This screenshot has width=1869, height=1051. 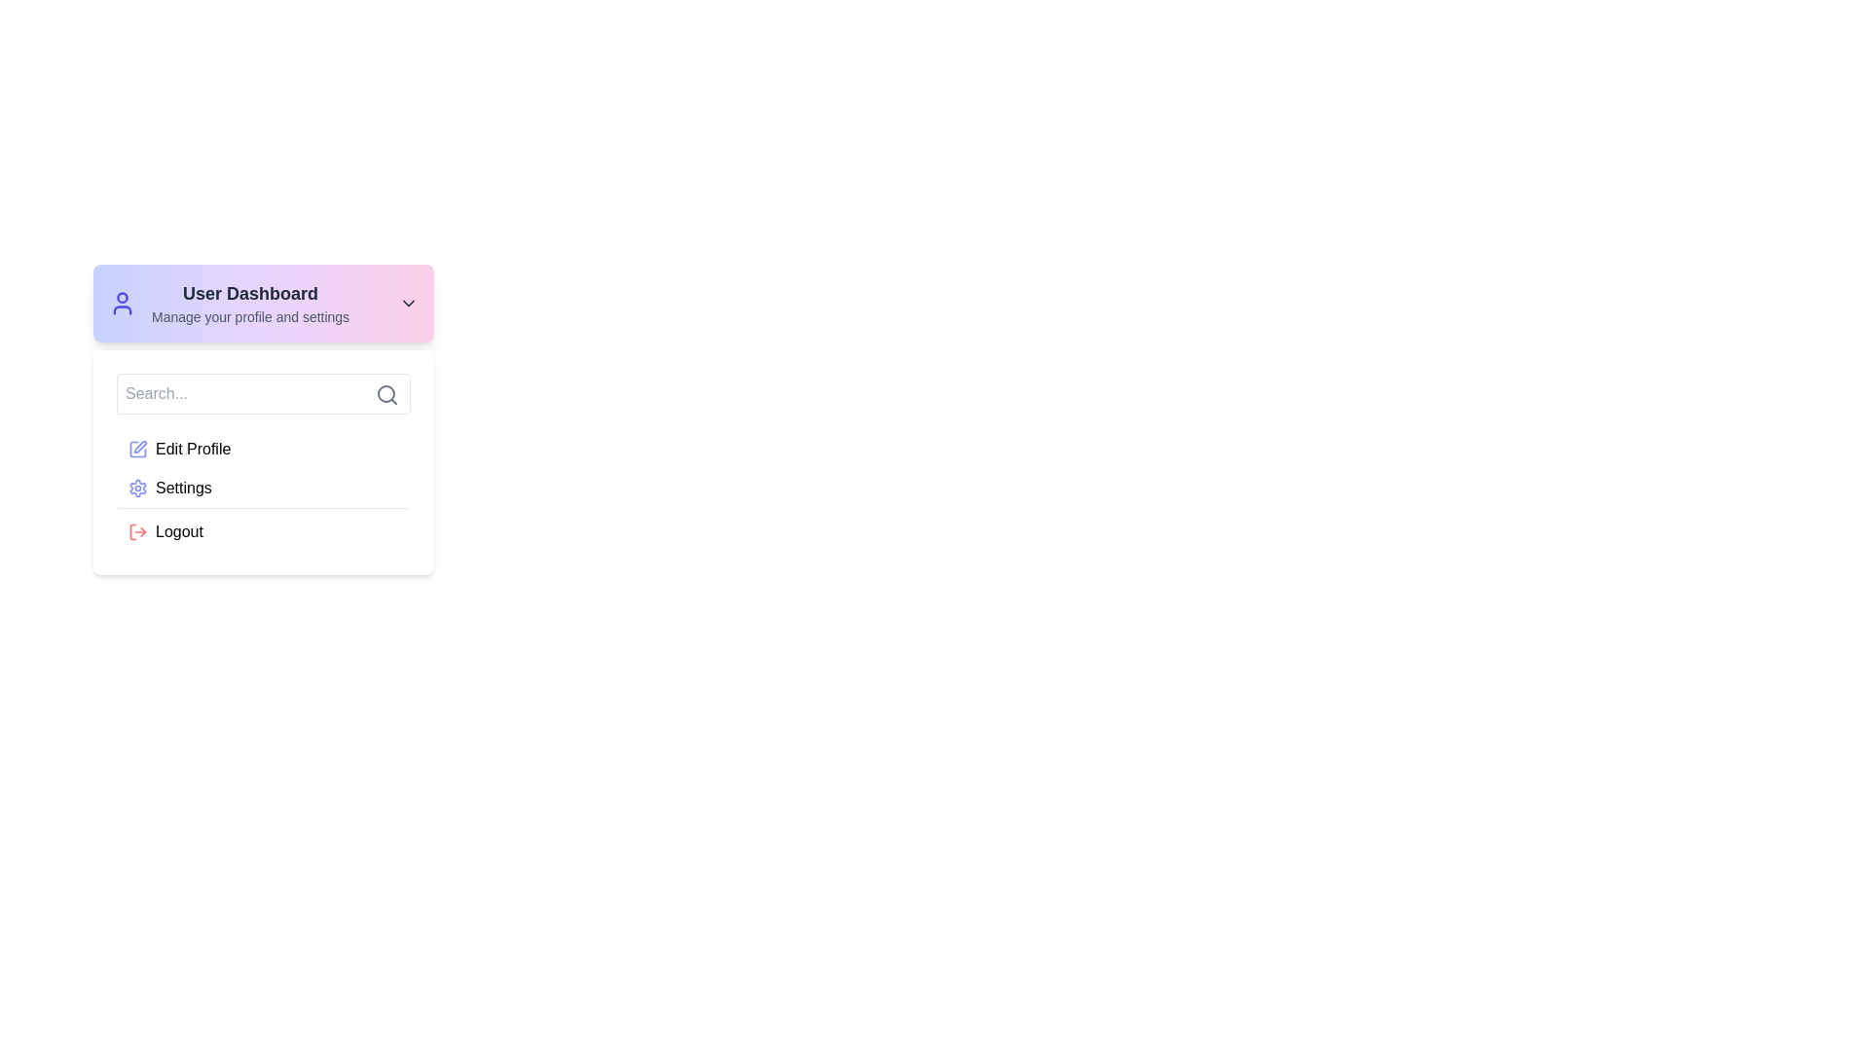 I want to click on the static text content that provides the label for the user dashboard section, which is located slightly left of center in the upper portion of the interface with a purple to pink gradient background, so click(x=249, y=304).